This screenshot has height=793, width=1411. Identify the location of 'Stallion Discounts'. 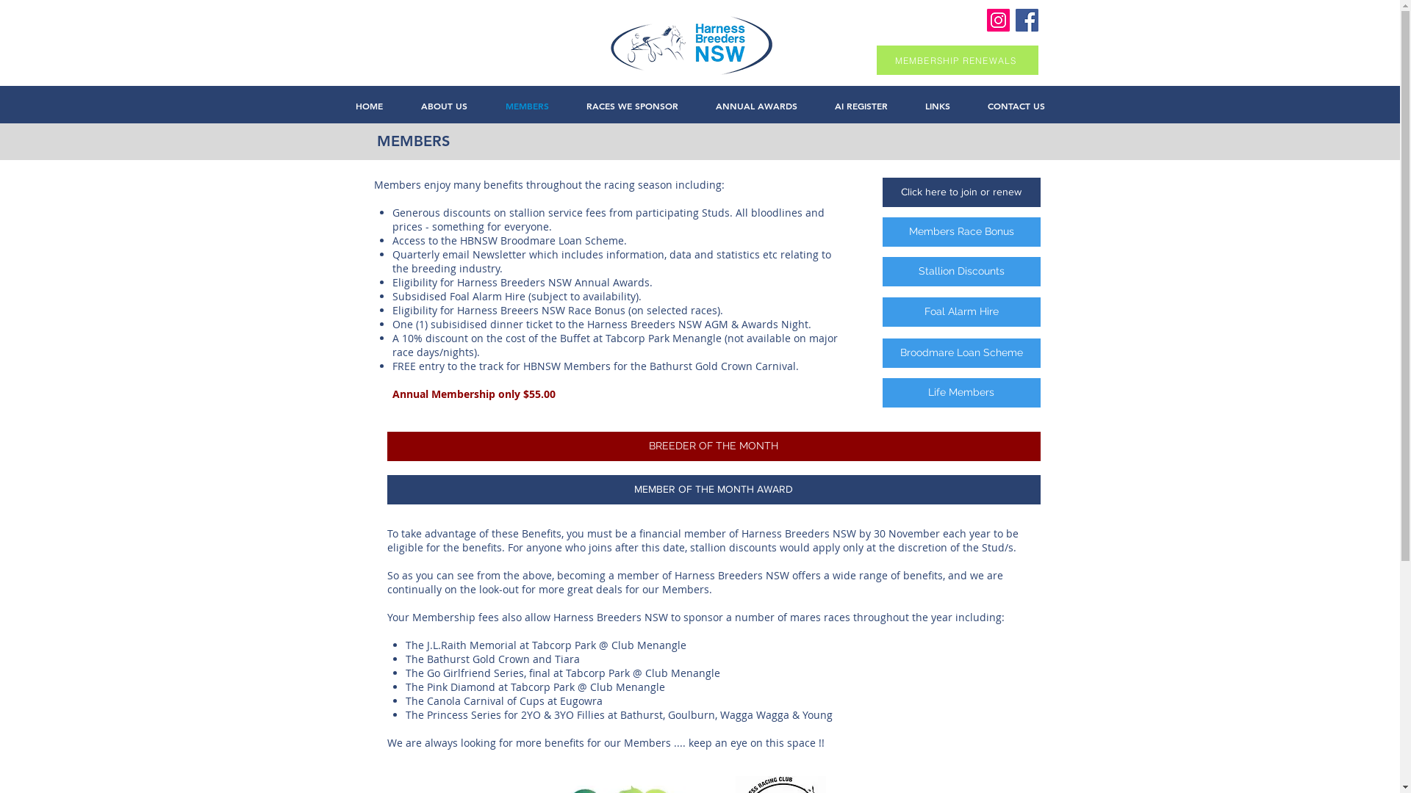
(961, 272).